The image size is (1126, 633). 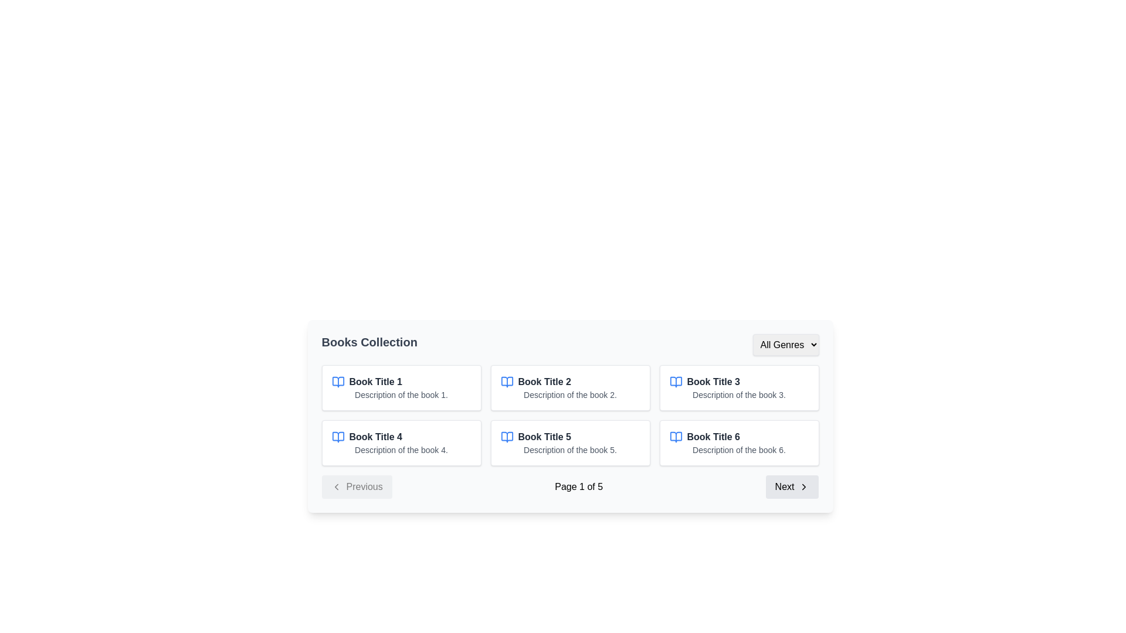 I want to click on the first entry in the Books Collection interface, which features an open book icon and the text label 'Book Title 1', so click(x=401, y=382).